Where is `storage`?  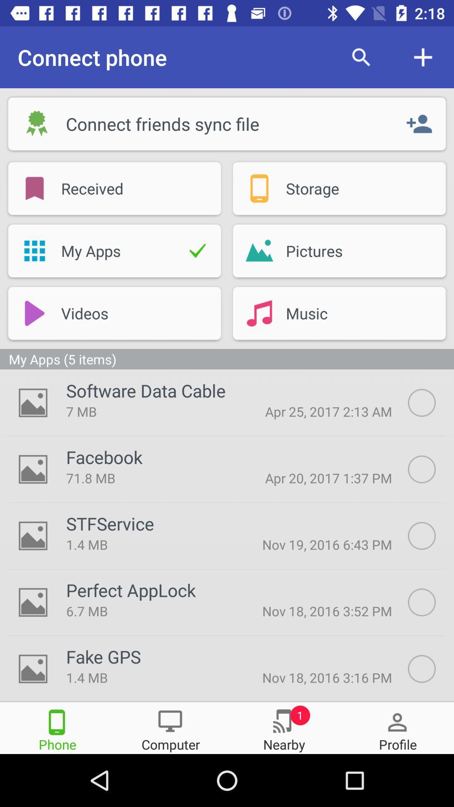
storage is located at coordinates (339, 188).